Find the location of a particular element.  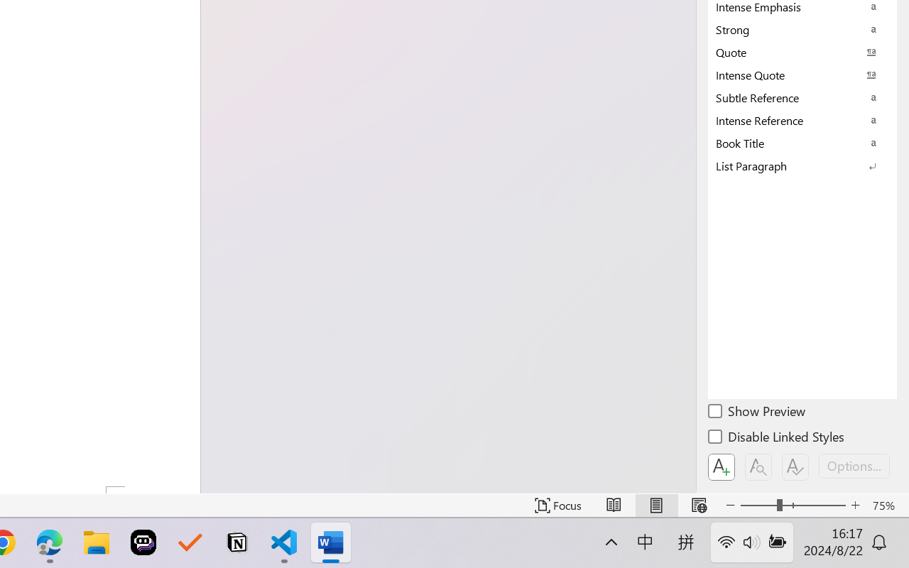

'Strong' is located at coordinates (802, 28).